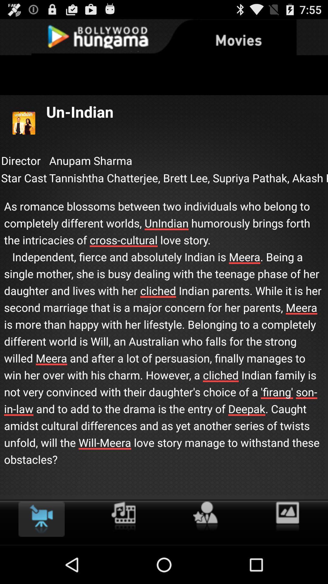  I want to click on the as romance blossoms icon, so click(164, 326).